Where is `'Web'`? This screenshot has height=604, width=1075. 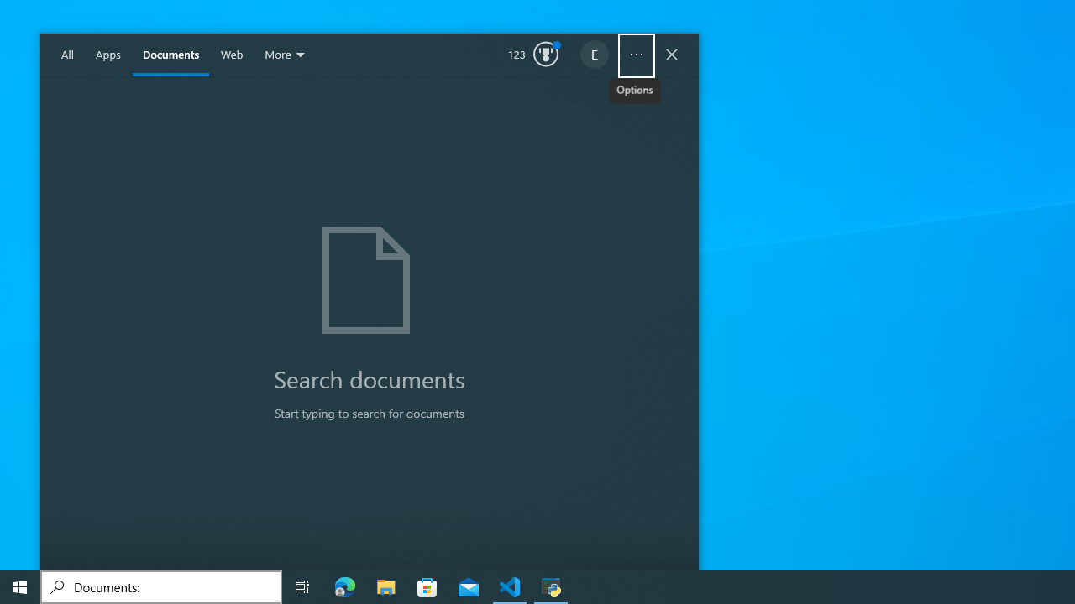
'Web' is located at coordinates (231, 55).